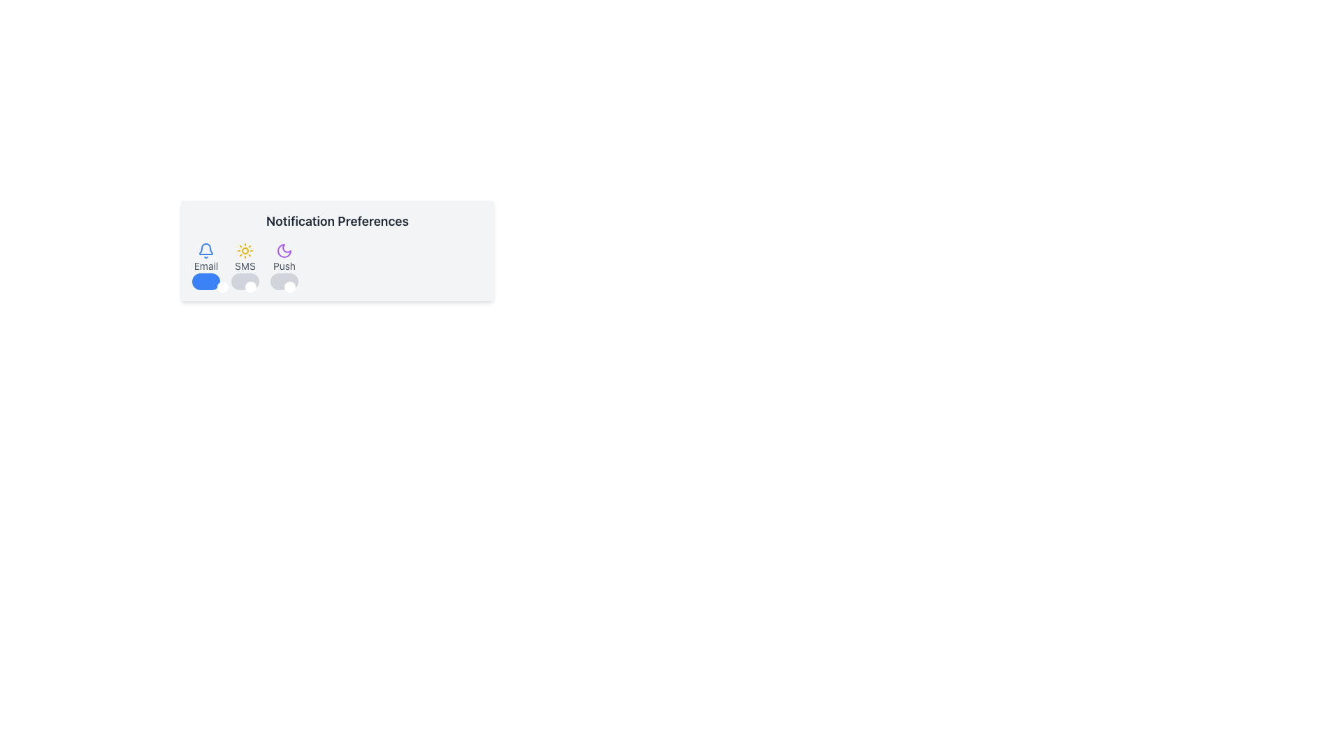 The height and width of the screenshot is (755, 1342). Describe the element at coordinates (289, 287) in the screenshot. I see `the small circular white knob on the left side of the horizontal toggle track in the 'Notification Preferences' section` at that location.